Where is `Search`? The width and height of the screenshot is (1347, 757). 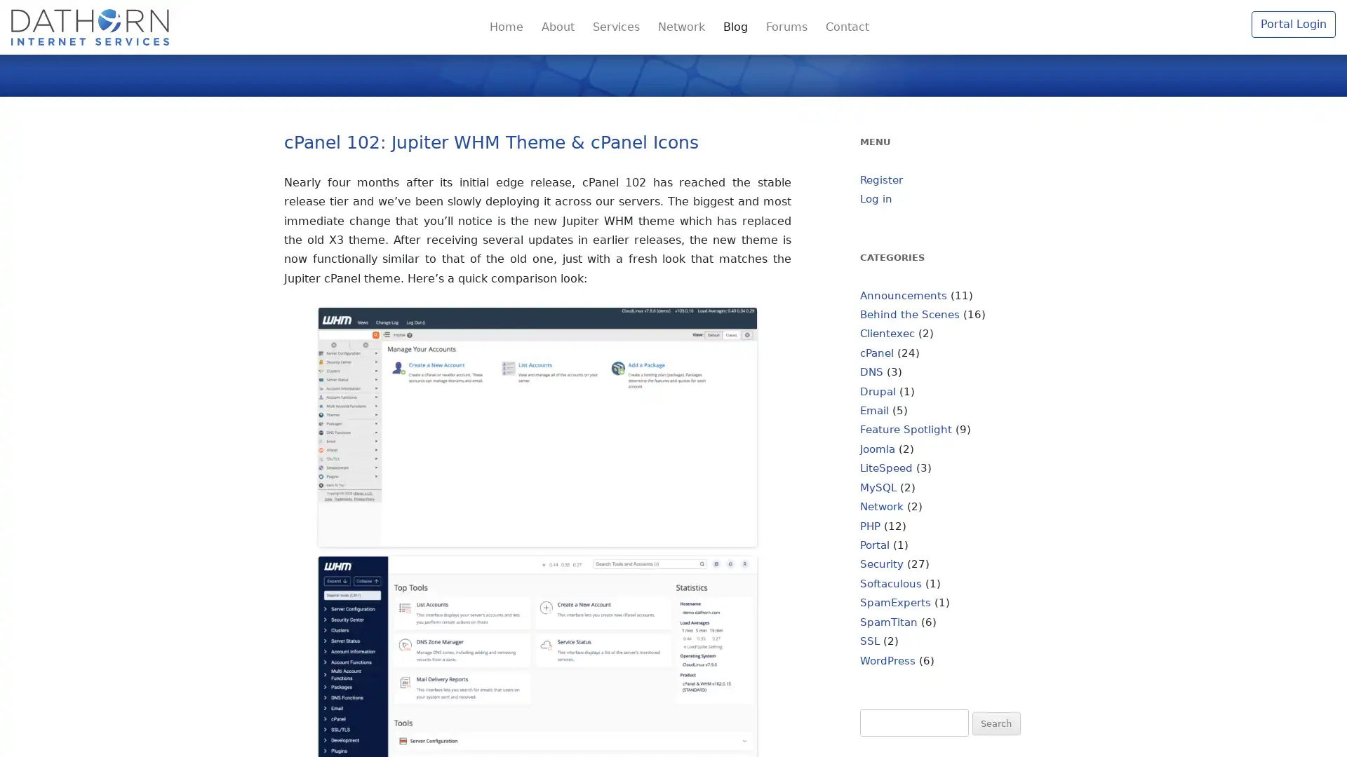 Search is located at coordinates (996, 723).